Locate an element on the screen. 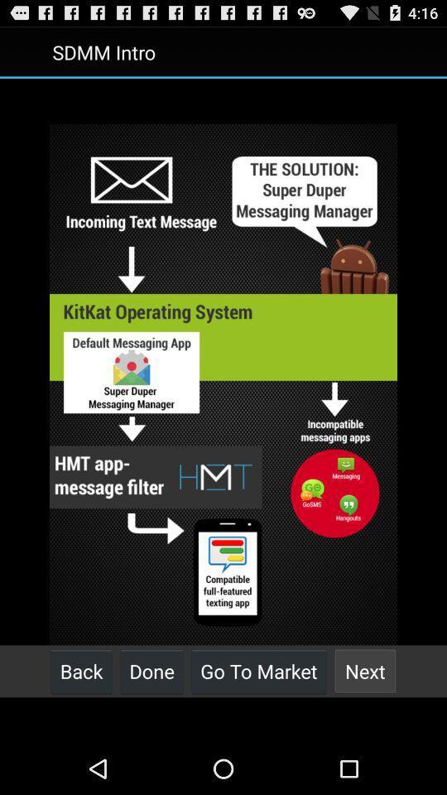 This screenshot has height=795, width=447. the back at the bottom left corner is located at coordinates (80, 671).